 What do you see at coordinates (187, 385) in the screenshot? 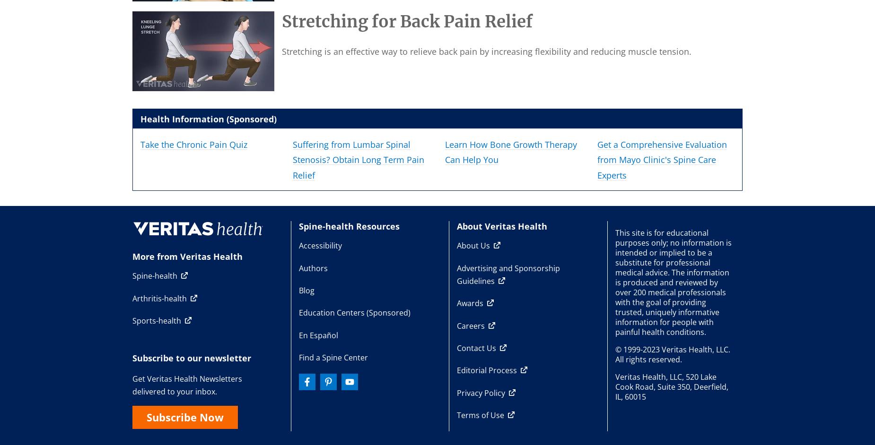
I see `'Get Veritas Health Newsletters delivered to your inbox.'` at bounding box center [187, 385].